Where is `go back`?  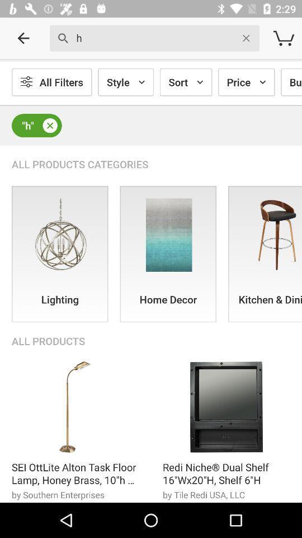 go back is located at coordinates (23, 38).